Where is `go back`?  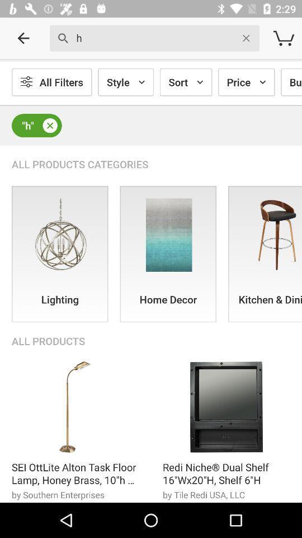 go back is located at coordinates (23, 38).